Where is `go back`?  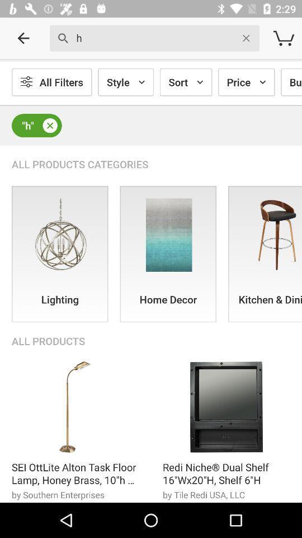 go back is located at coordinates (23, 38).